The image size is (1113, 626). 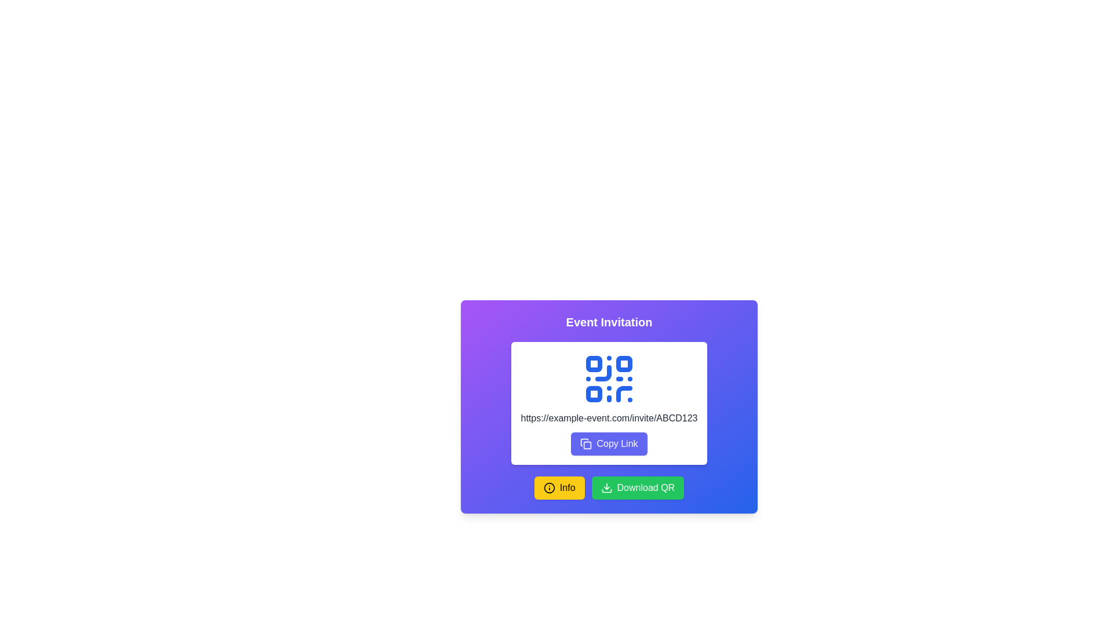 I want to click on the information graphical icon located inside the 'Info' button at the bottom of the card component, so click(x=548, y=487).